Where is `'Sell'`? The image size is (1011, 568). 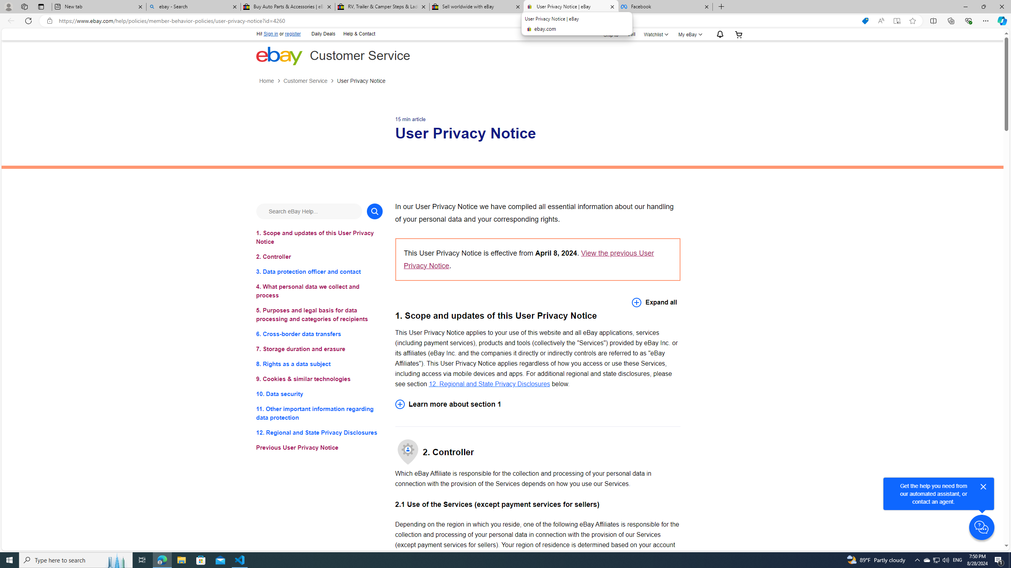
'Sell' is located at coordinates (631, 34).